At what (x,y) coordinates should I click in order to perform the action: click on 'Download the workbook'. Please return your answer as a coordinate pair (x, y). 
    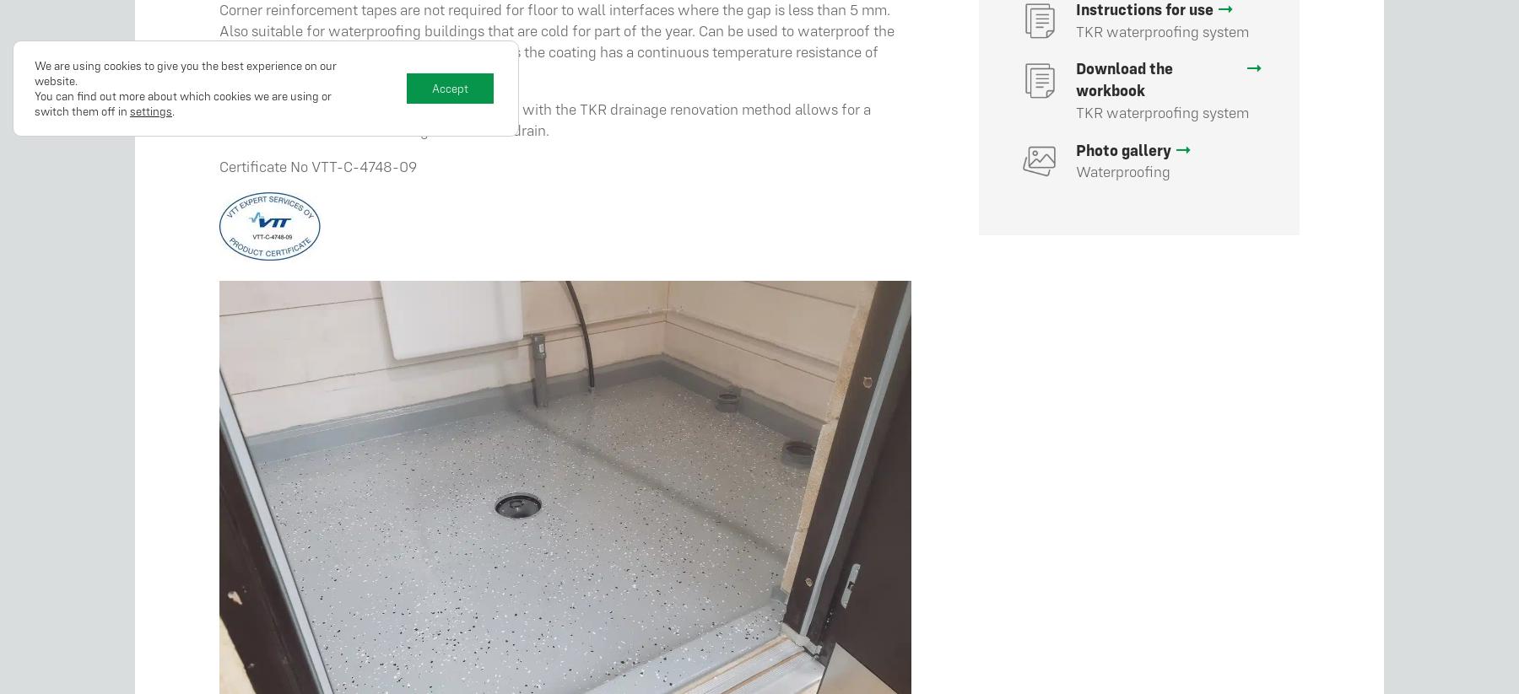
    Looking at the image, I should click on (1124, 78).